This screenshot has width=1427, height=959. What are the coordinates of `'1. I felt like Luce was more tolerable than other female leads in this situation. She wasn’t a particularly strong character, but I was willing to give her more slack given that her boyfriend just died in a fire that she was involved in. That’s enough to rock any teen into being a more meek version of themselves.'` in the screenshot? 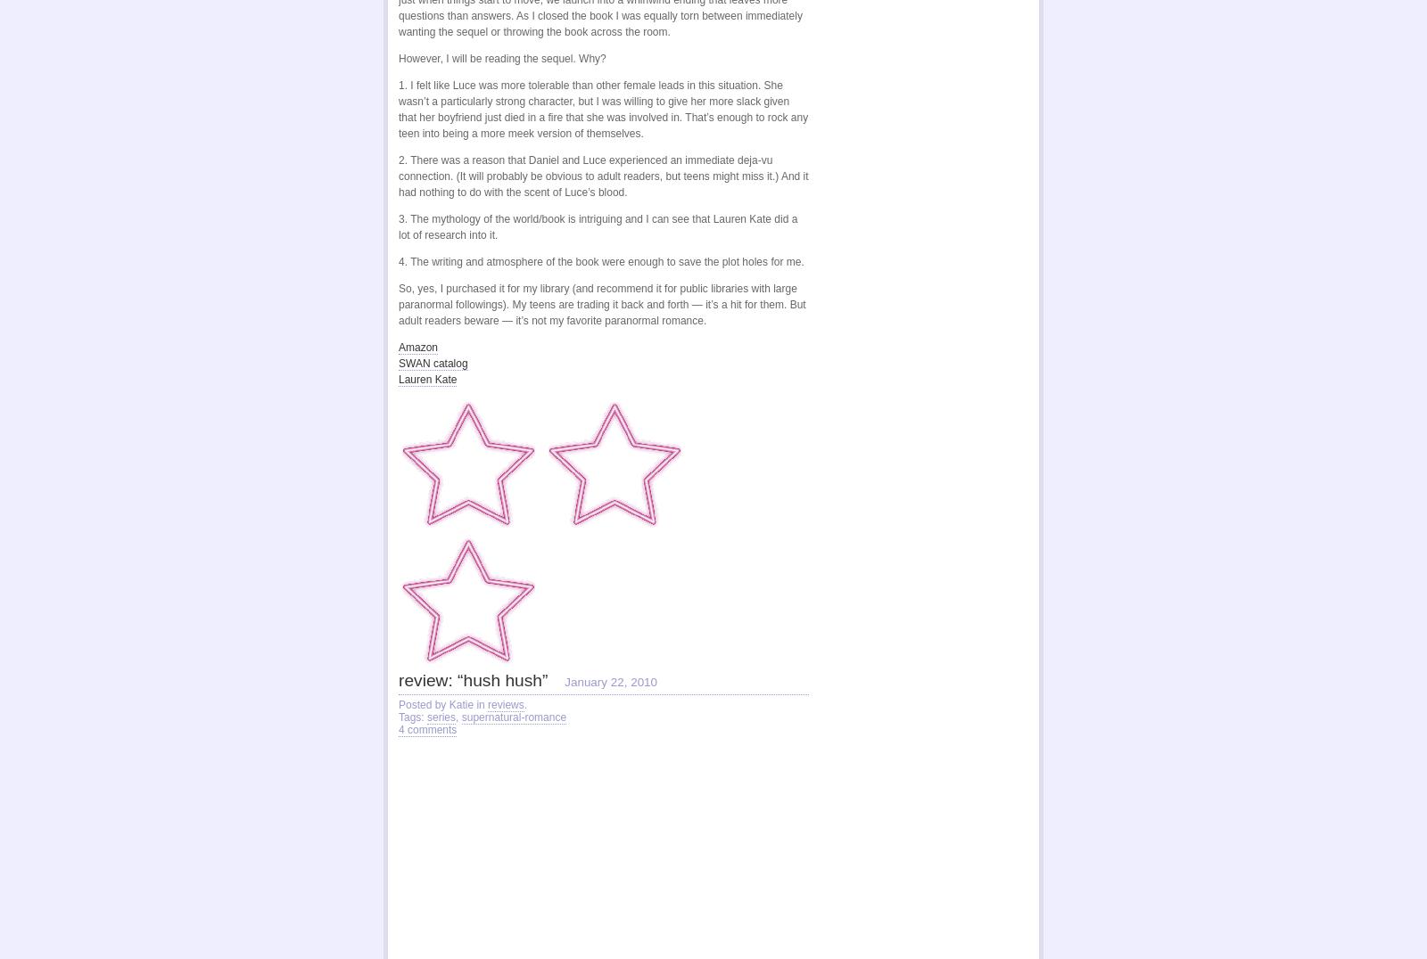 It's located at (398, 104).